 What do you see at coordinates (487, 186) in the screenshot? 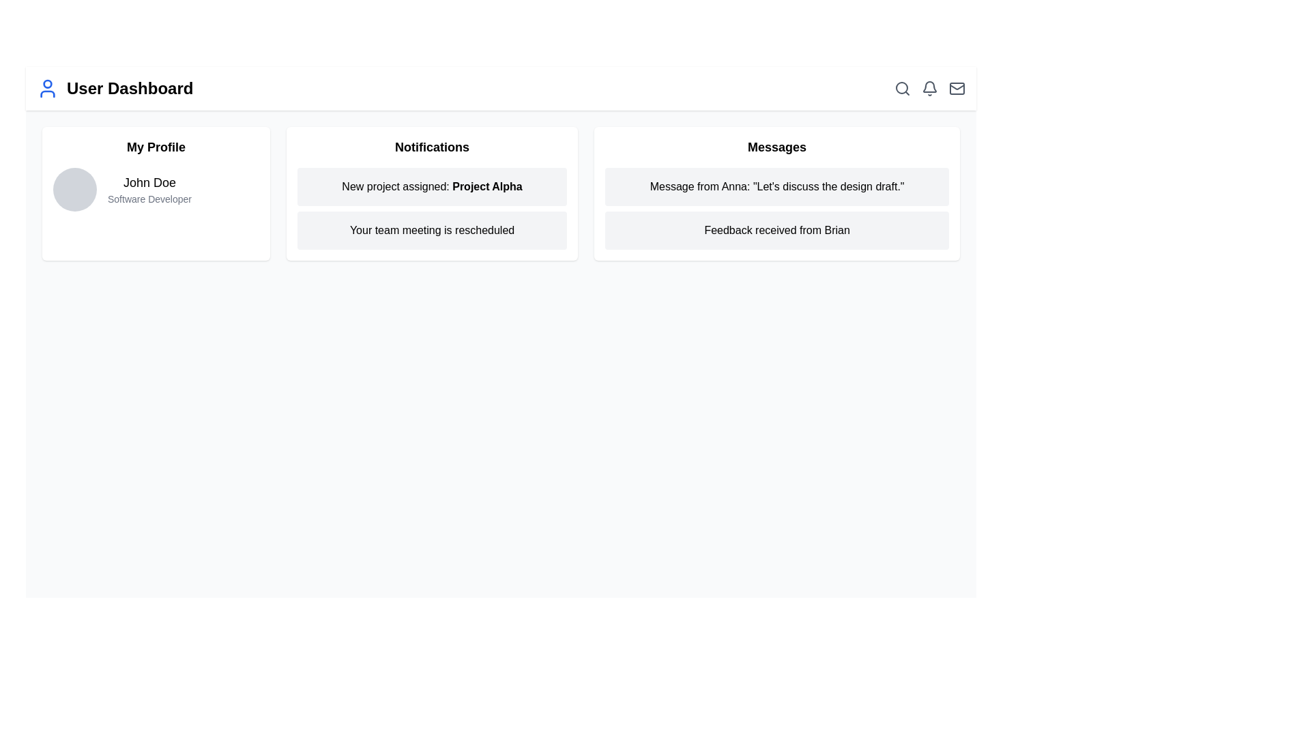
I see `project name displayed in the notification label, which shows 'Project Alpha' within the Notifications section of the dashboard` at bounding box center [487, 186].